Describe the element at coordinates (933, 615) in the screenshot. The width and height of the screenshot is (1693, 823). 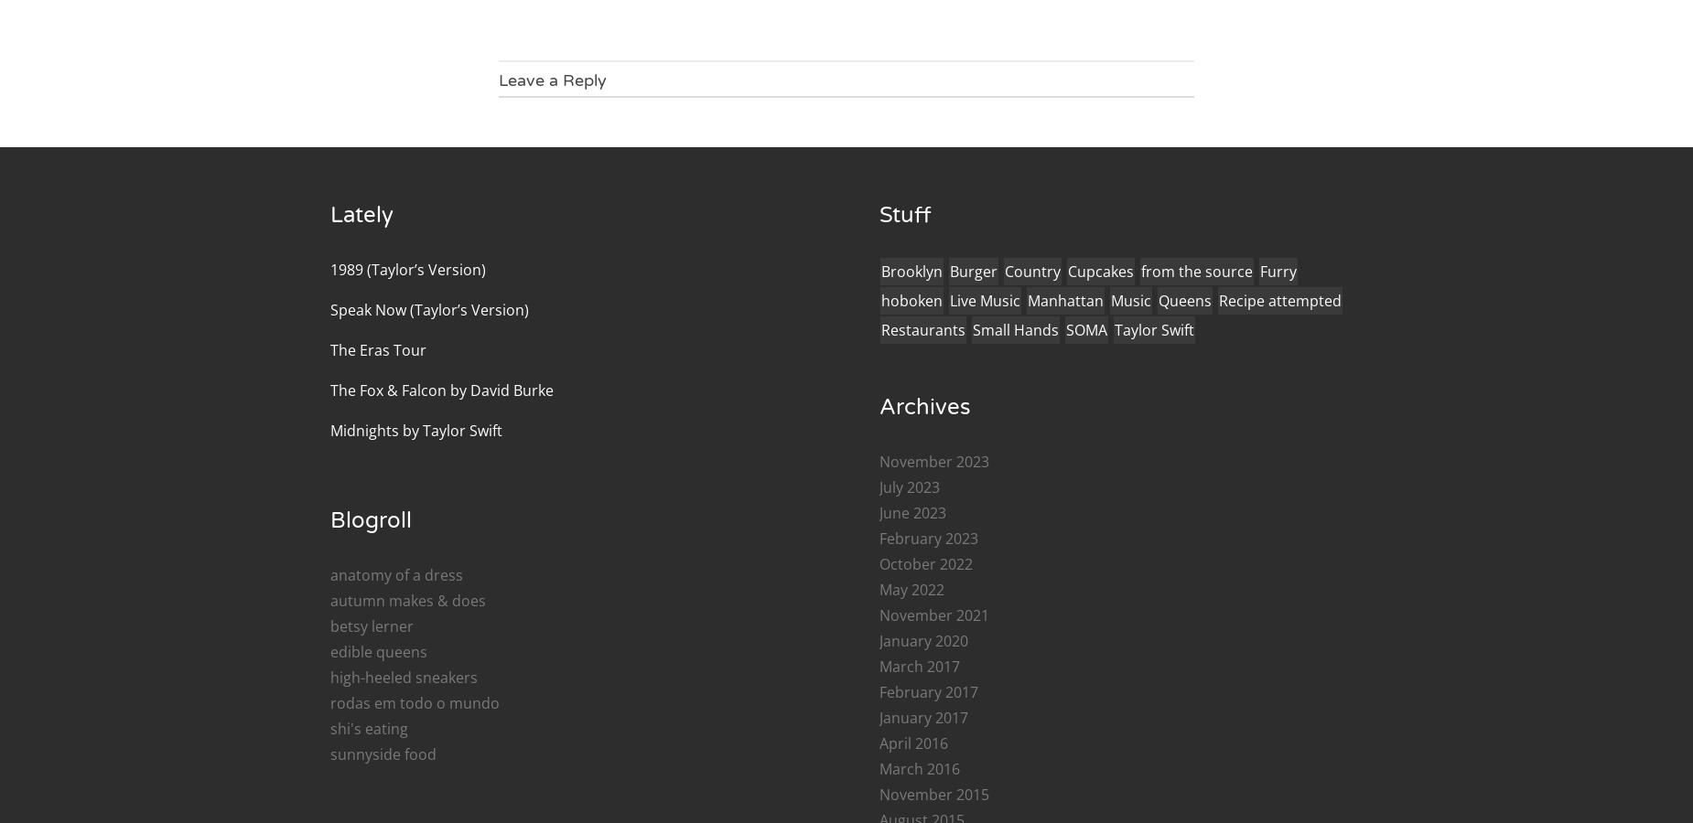
I see `'November 2021'` at that location.